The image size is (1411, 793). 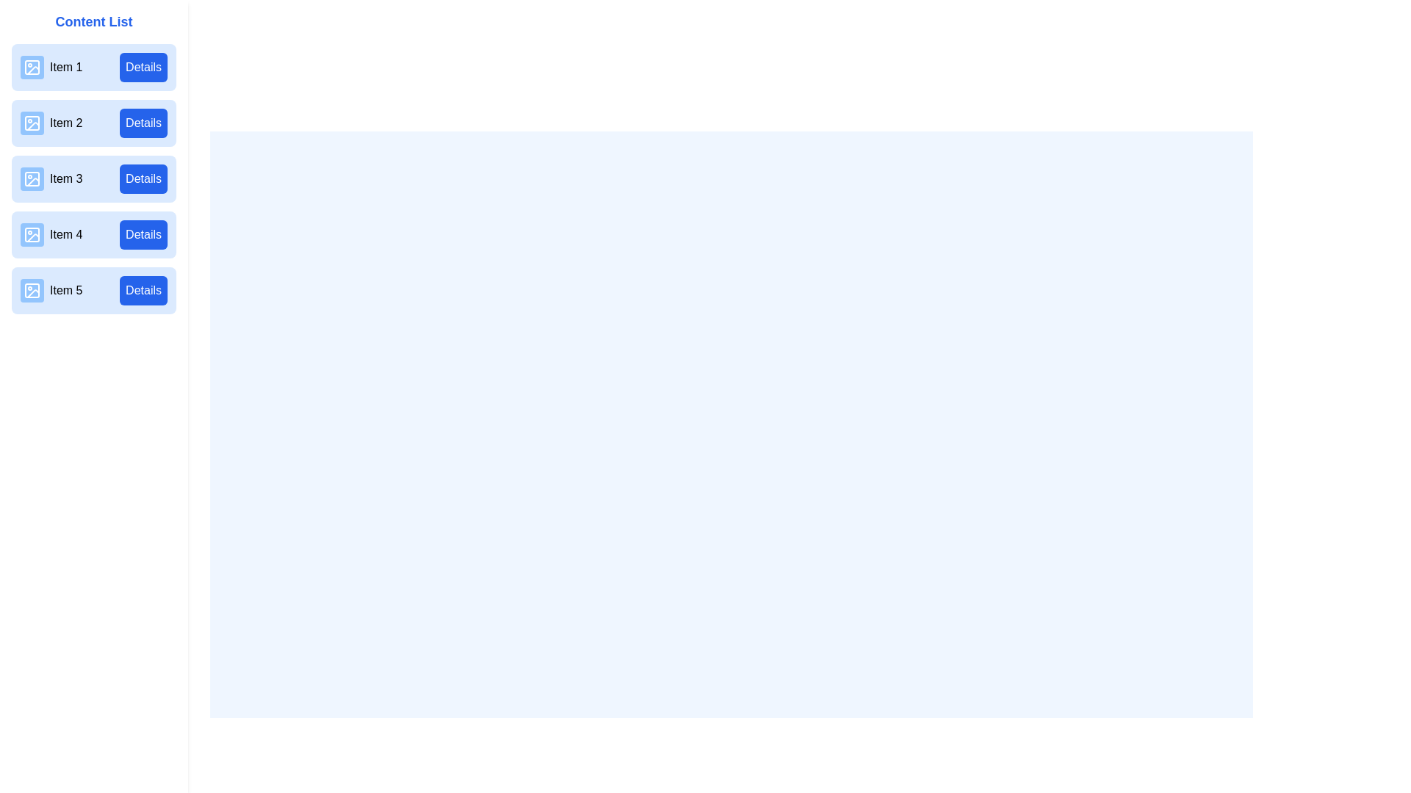 What do you see at coordinates (32, 291) in the screenshot?
I see `the icon resembling a generic image placeholder located in the fifth row of the left sidebar, which has a blue circular background and is associated with 'Item 5'` at bounding box center [32, 291].